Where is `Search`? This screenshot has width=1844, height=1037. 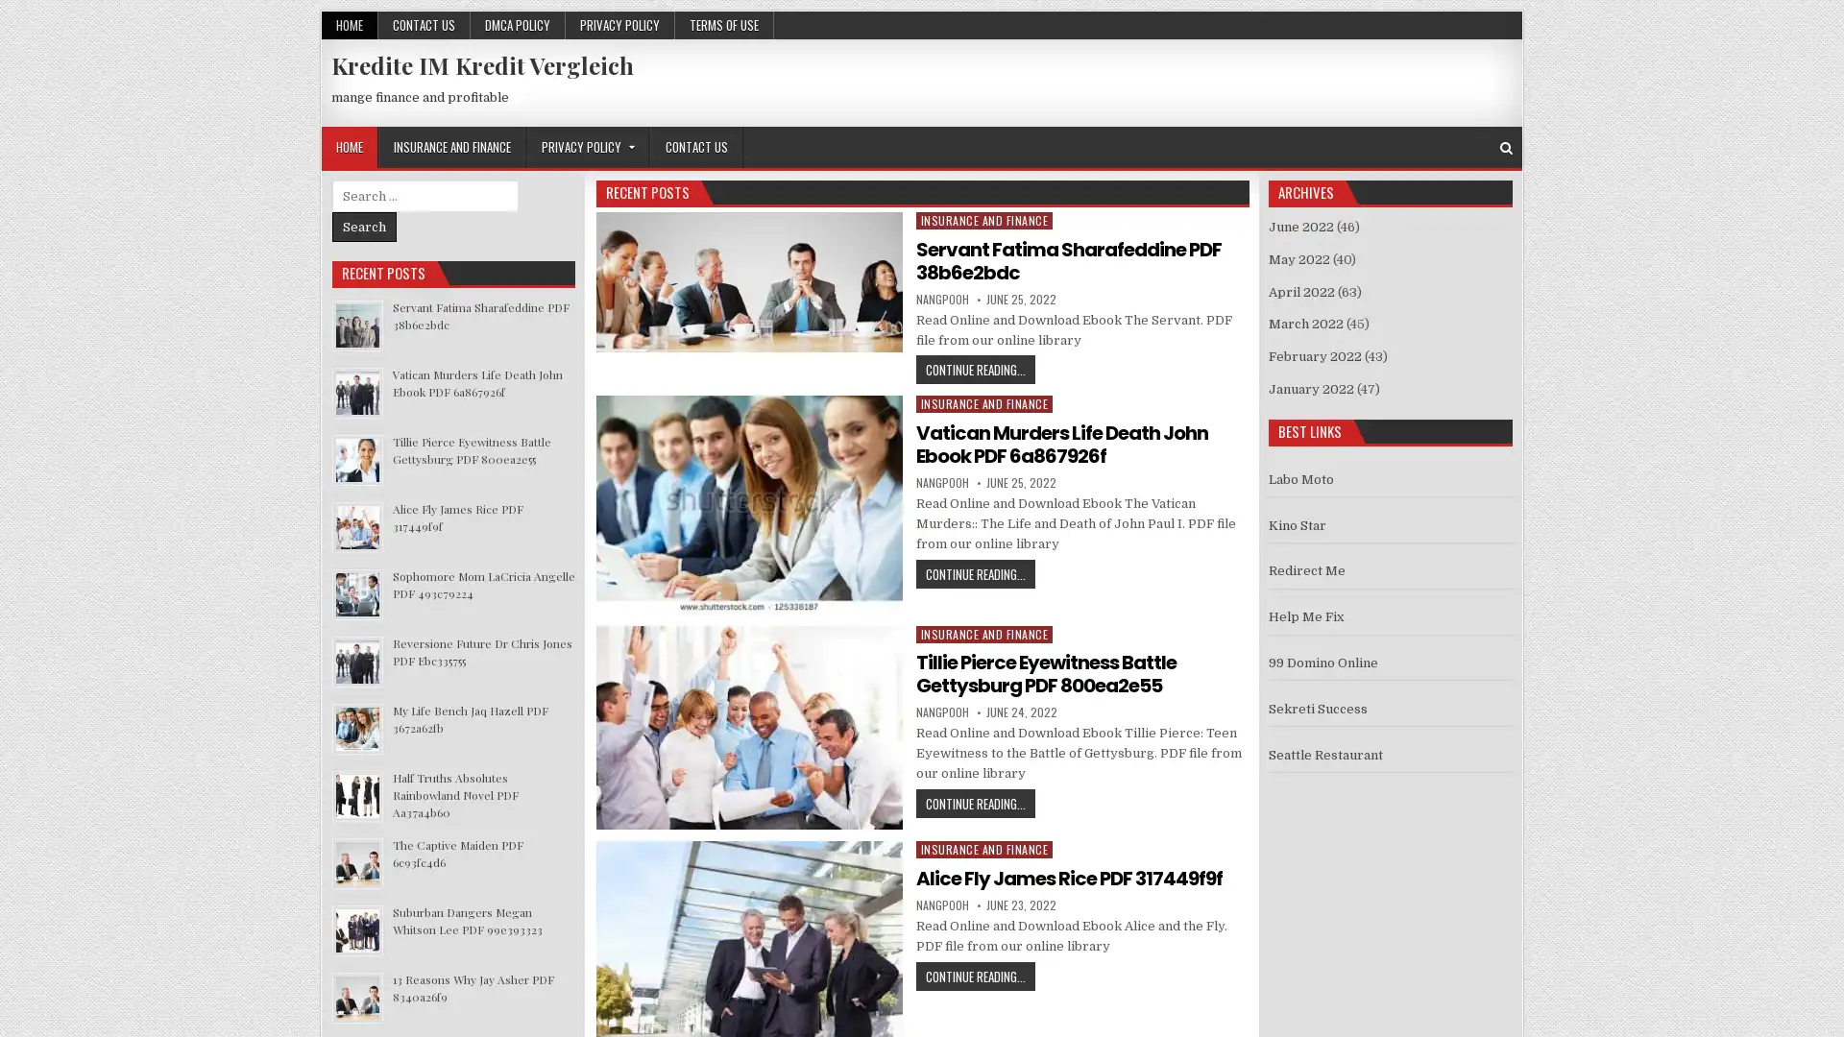
Search is located at coordinates (363, 226).